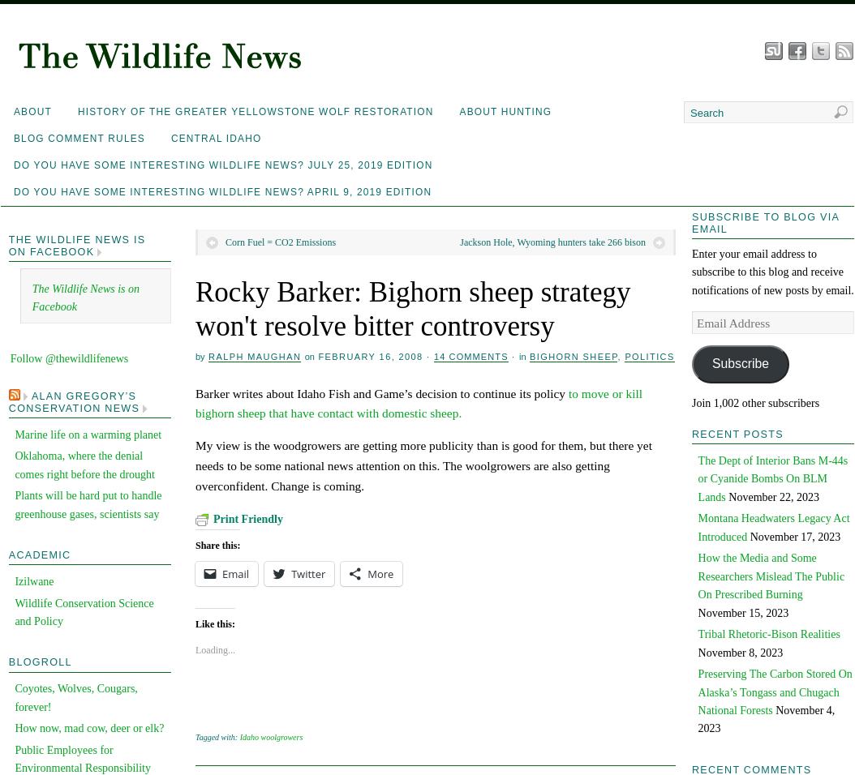 Image resolution: width=855 pixels, height=775 pixels. What do you see at coordinates (195, 649) in the screenshot?
I see `'Loading...'` at bounding box center [195, 649].